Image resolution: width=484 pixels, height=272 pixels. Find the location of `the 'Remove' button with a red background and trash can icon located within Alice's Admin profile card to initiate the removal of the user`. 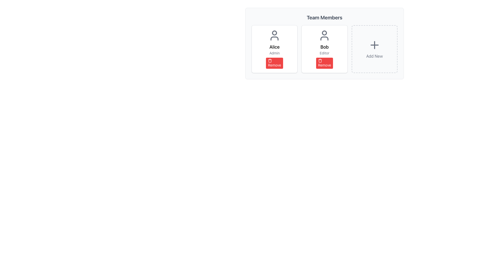

the 'Remove' button with a red background and trash can icon located within Alice's Admin profile card to initiate the removal of the user is located at coordinates (274, 63).